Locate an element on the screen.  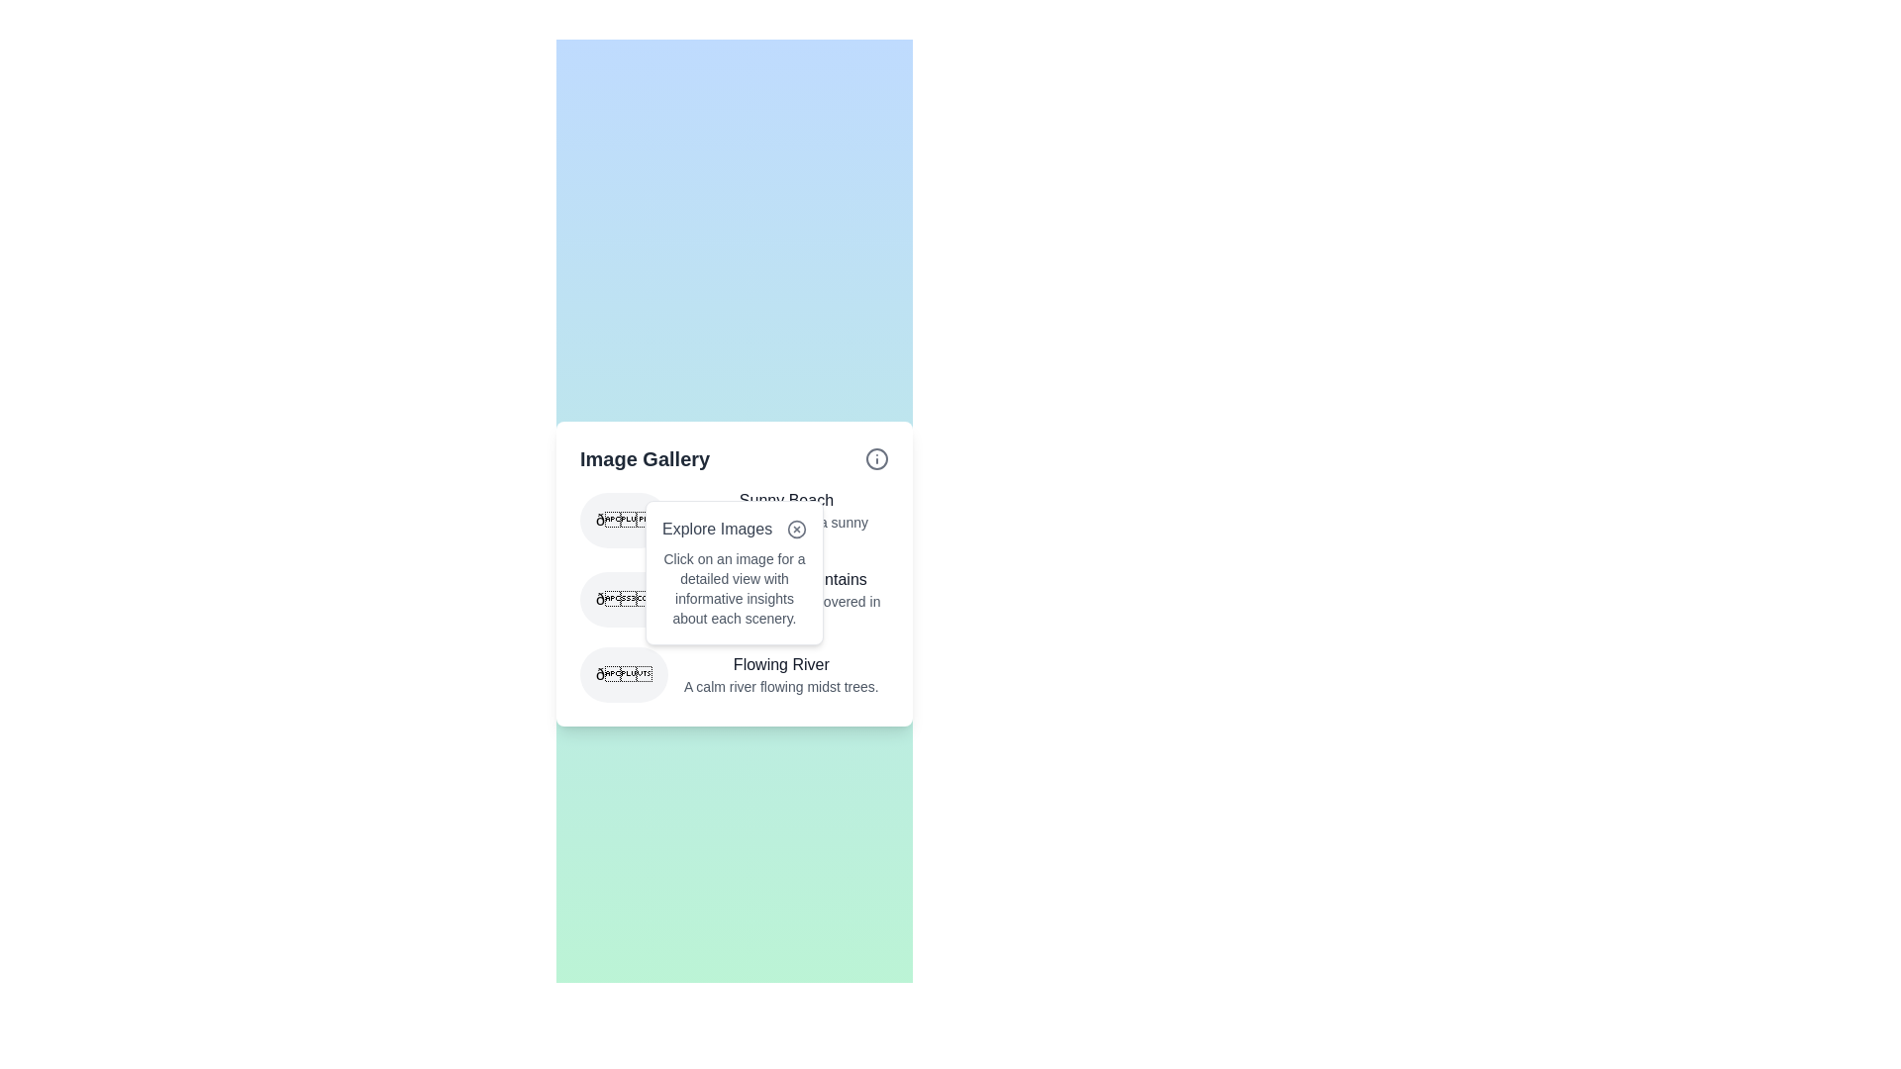
the content of the text-based label (heading) that reads 'Majestic Mountains' for informational purposes is located at coordinates (799, 579).